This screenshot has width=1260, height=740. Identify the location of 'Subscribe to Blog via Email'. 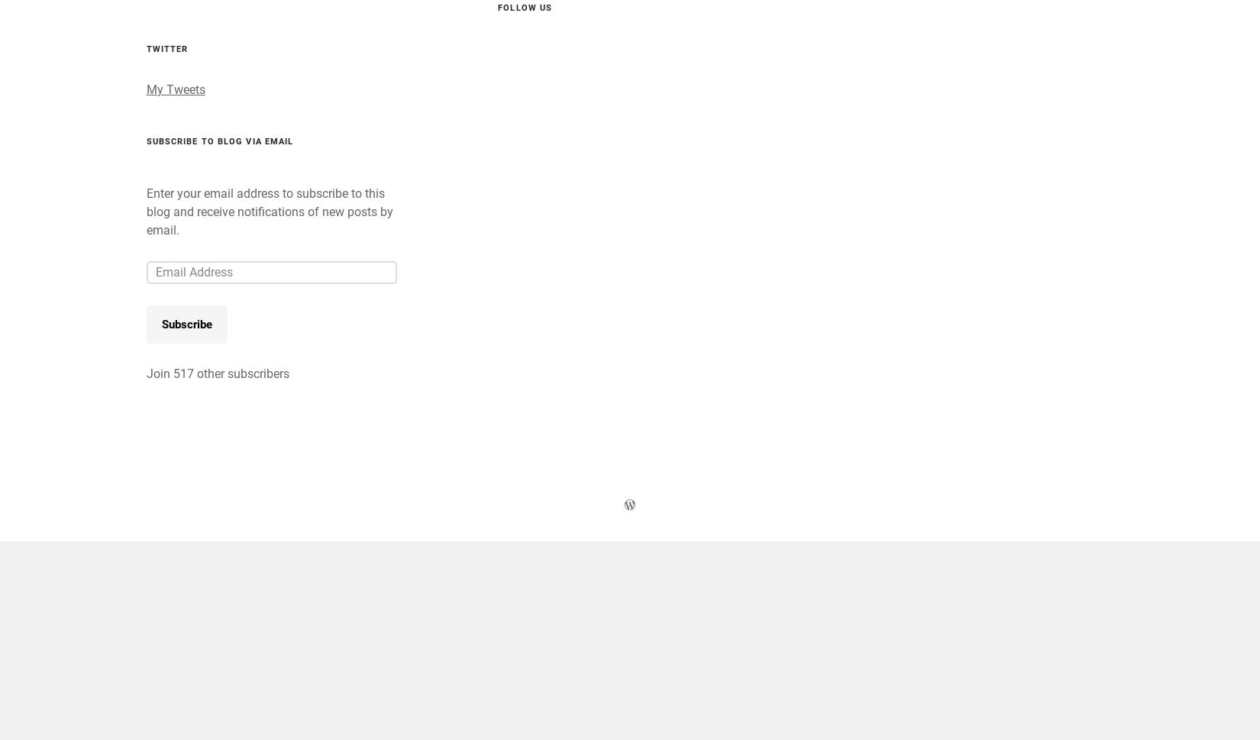
(267, 279).